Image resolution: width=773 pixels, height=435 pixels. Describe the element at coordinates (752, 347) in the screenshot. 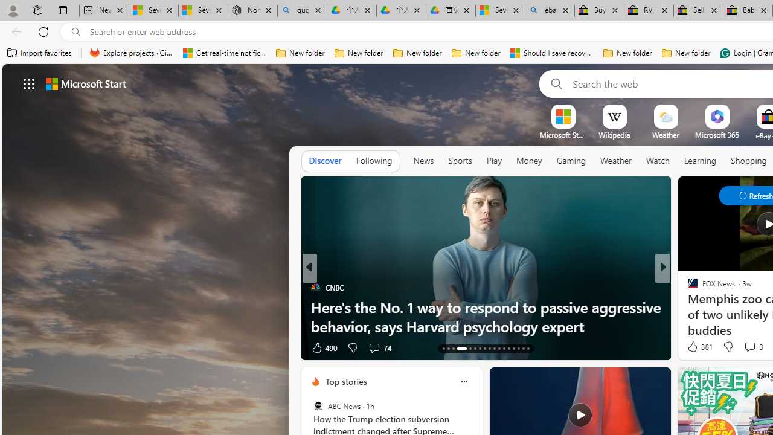

I see `'View comments 3 Comment'` at that location.